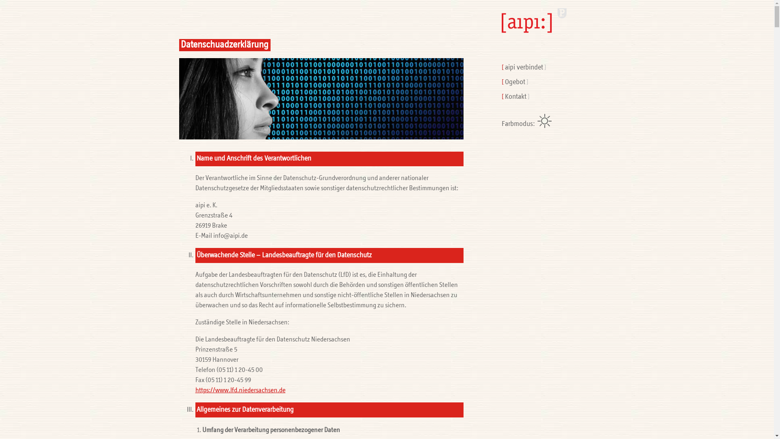  What do you see at coordinates (239, 390) in the screenshot?
I see `'https://www.lfd.niedersachsen.de'` at bounding box center [239, 390].